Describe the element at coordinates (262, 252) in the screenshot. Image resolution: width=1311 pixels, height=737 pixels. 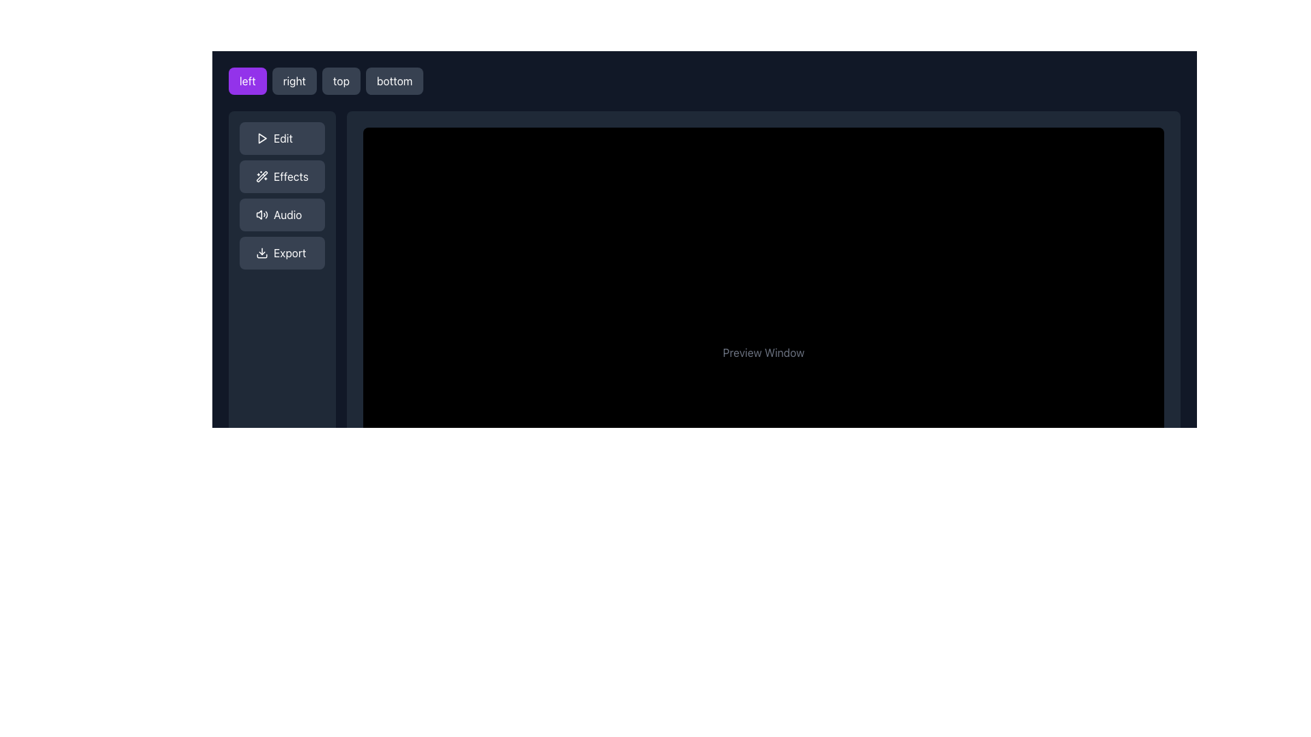
I see `the small download icon represented by a downward arrow pointing into a horizontal box, located to the left of the 'Export' button in the bottom portion of the left vertical control panel` at that location.